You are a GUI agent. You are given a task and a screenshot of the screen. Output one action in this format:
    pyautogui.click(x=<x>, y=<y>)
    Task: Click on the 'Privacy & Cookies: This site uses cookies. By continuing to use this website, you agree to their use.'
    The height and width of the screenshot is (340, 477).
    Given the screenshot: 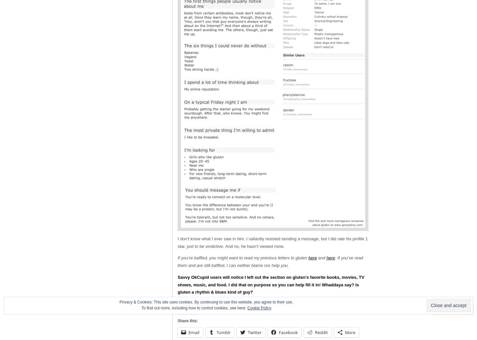 What is the action you would take?
    pyautogui.click(x=206, y=302)
    